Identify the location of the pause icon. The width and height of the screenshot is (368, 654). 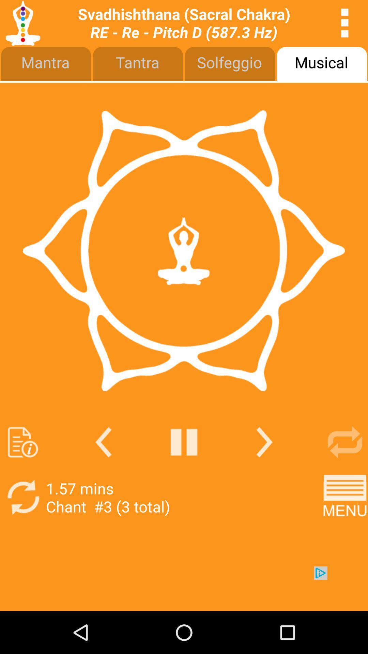
(184, 473).